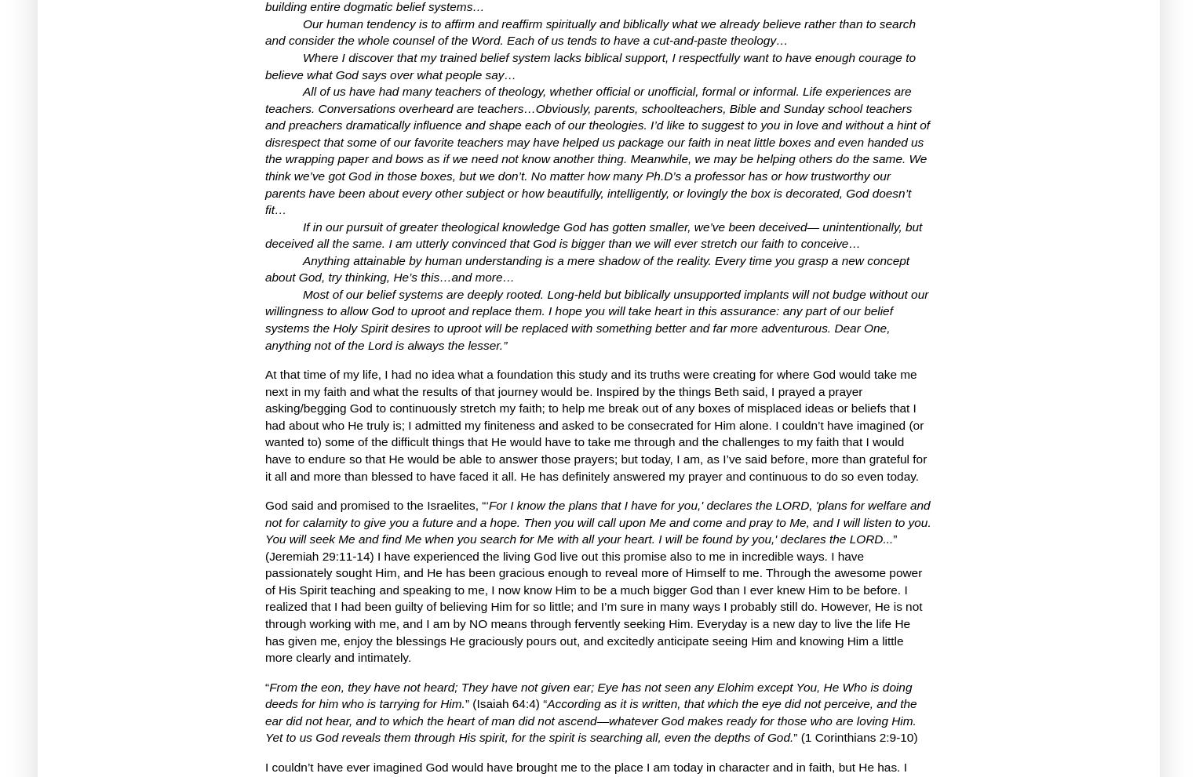 The width and height of the screenshot is (1199, 777). I want to click on 'From the eon, they have not heard; They have not given ear; Eye has not seen any Elohim except You, He Who is doing deeds for him who is tarrying for Him.', so click(587, 695).